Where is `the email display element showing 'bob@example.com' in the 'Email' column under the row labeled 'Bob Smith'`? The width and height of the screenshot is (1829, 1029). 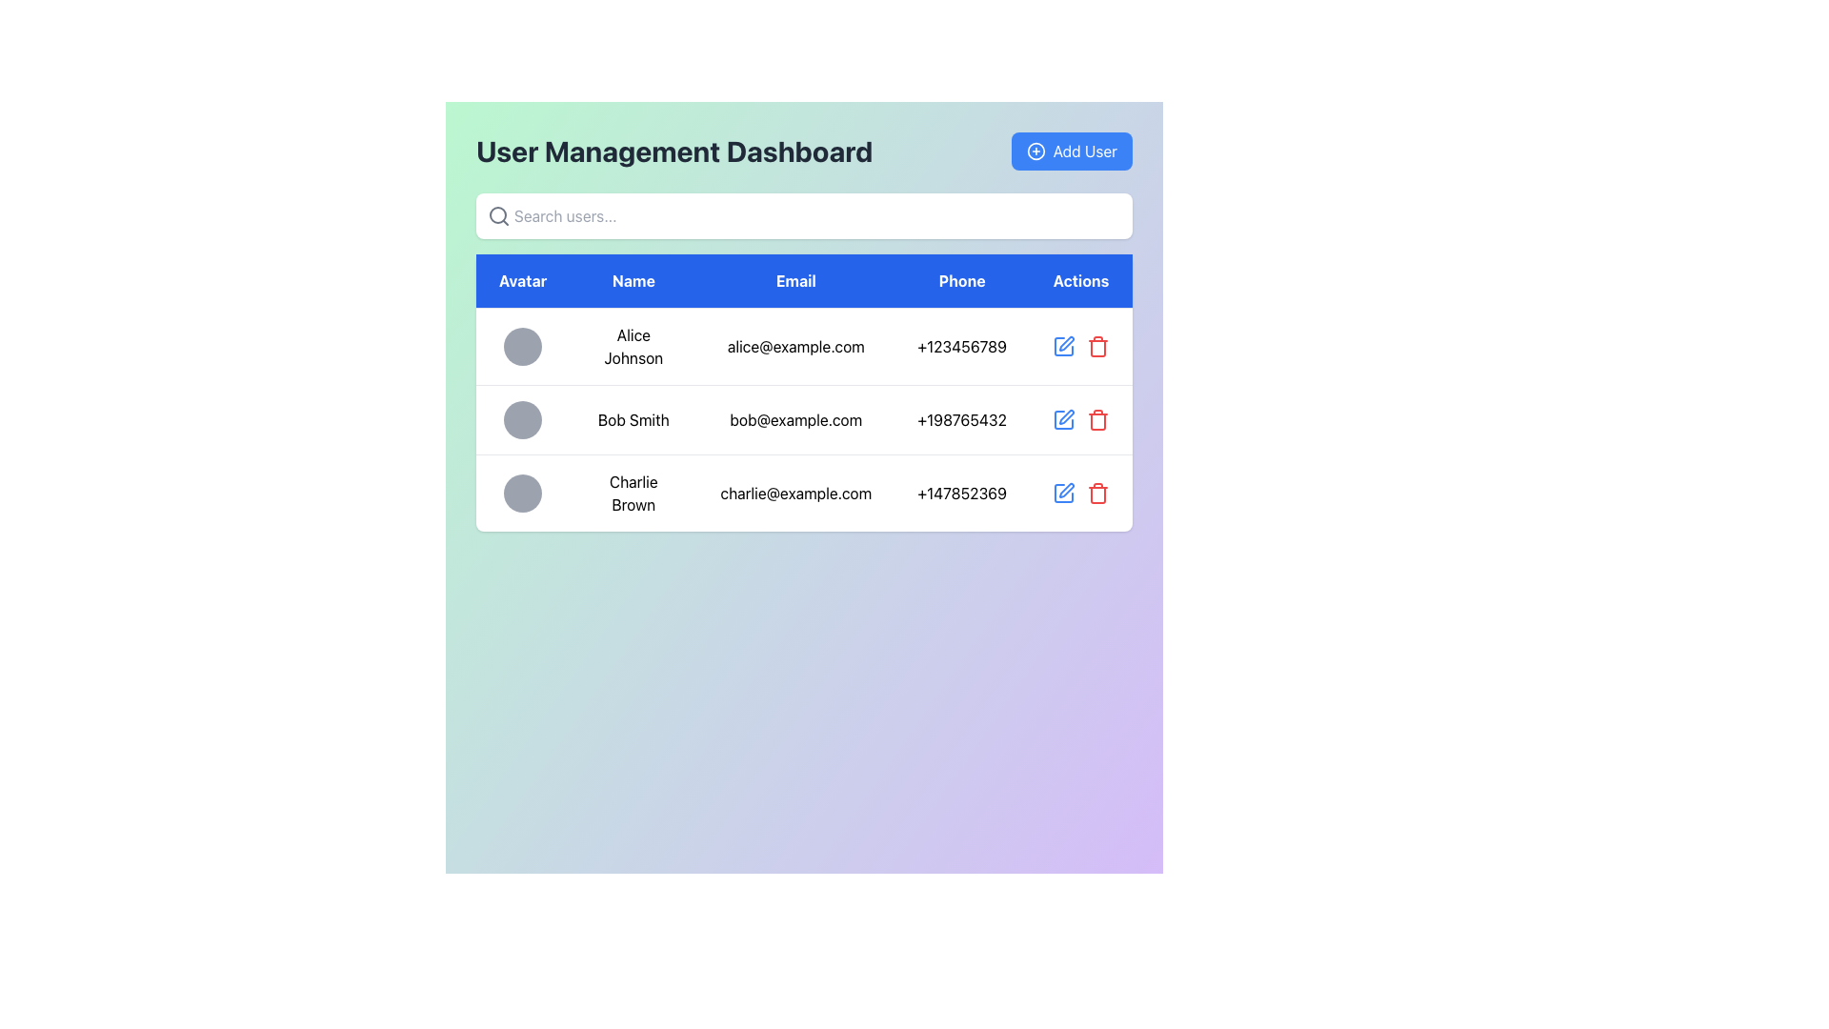
the email display element showing 'bob@example.com' in the 'Email' column under the row labeled 'Bob Smith' is located at coordinates (795, 418).